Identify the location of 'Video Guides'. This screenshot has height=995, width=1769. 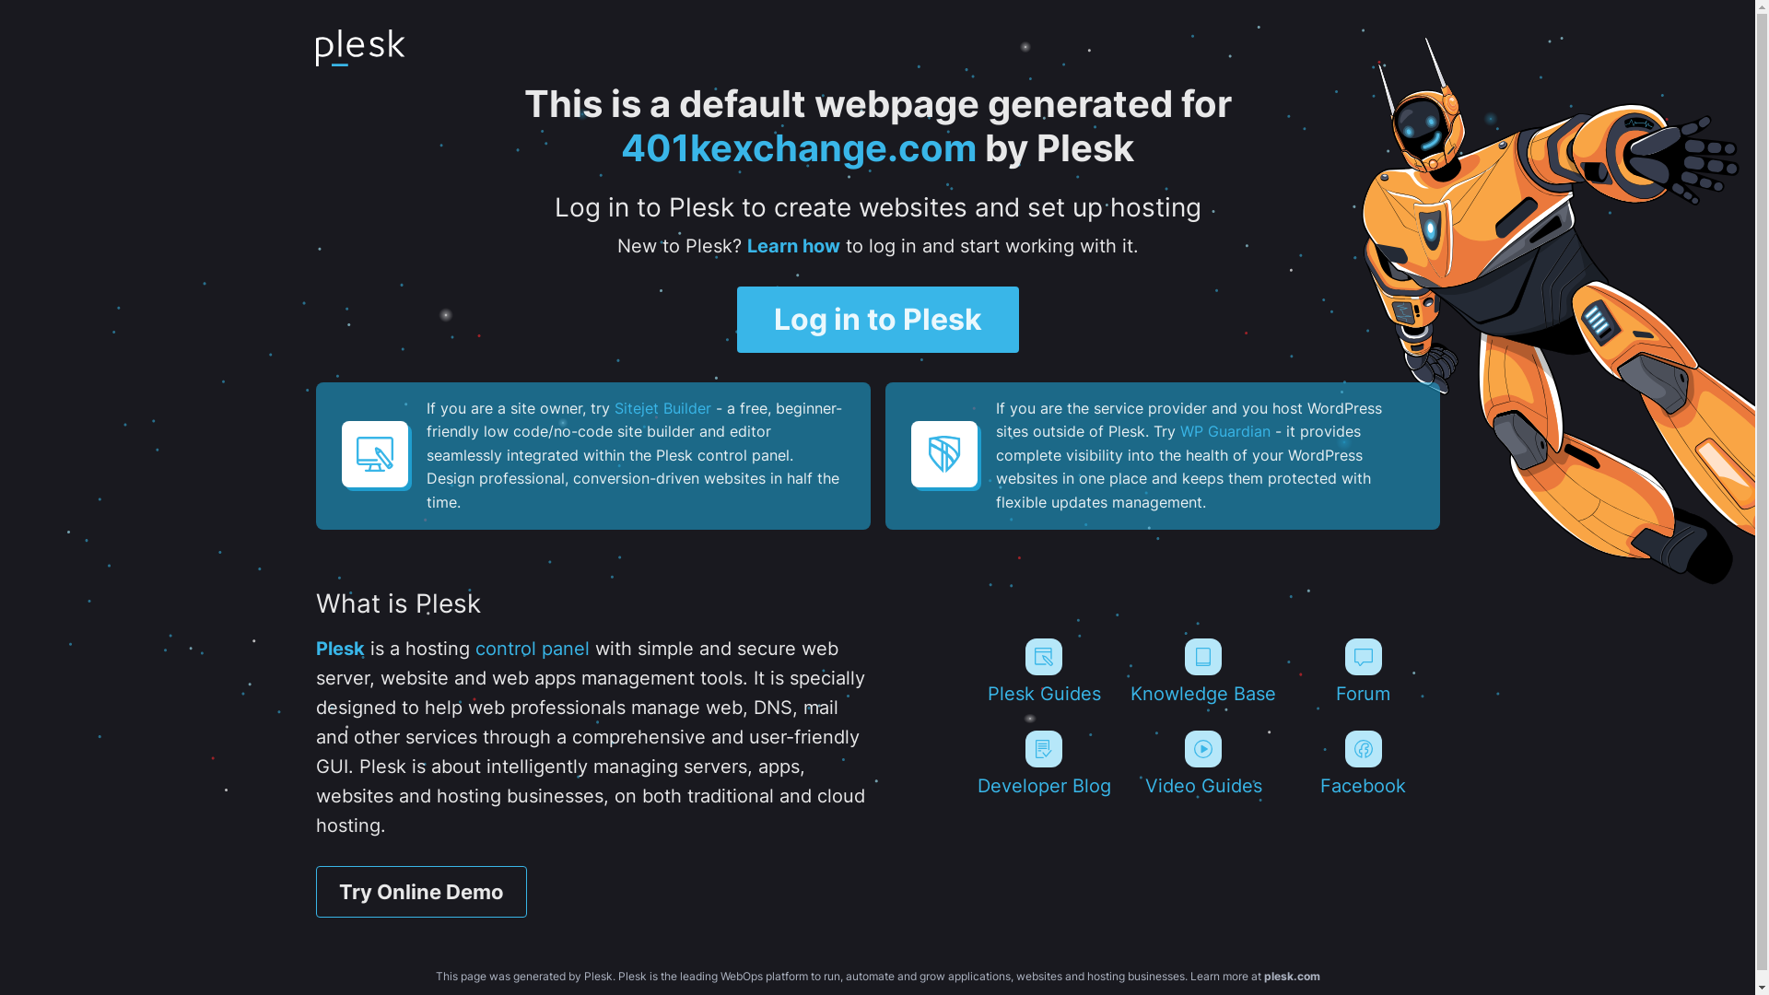
(1203, 764).